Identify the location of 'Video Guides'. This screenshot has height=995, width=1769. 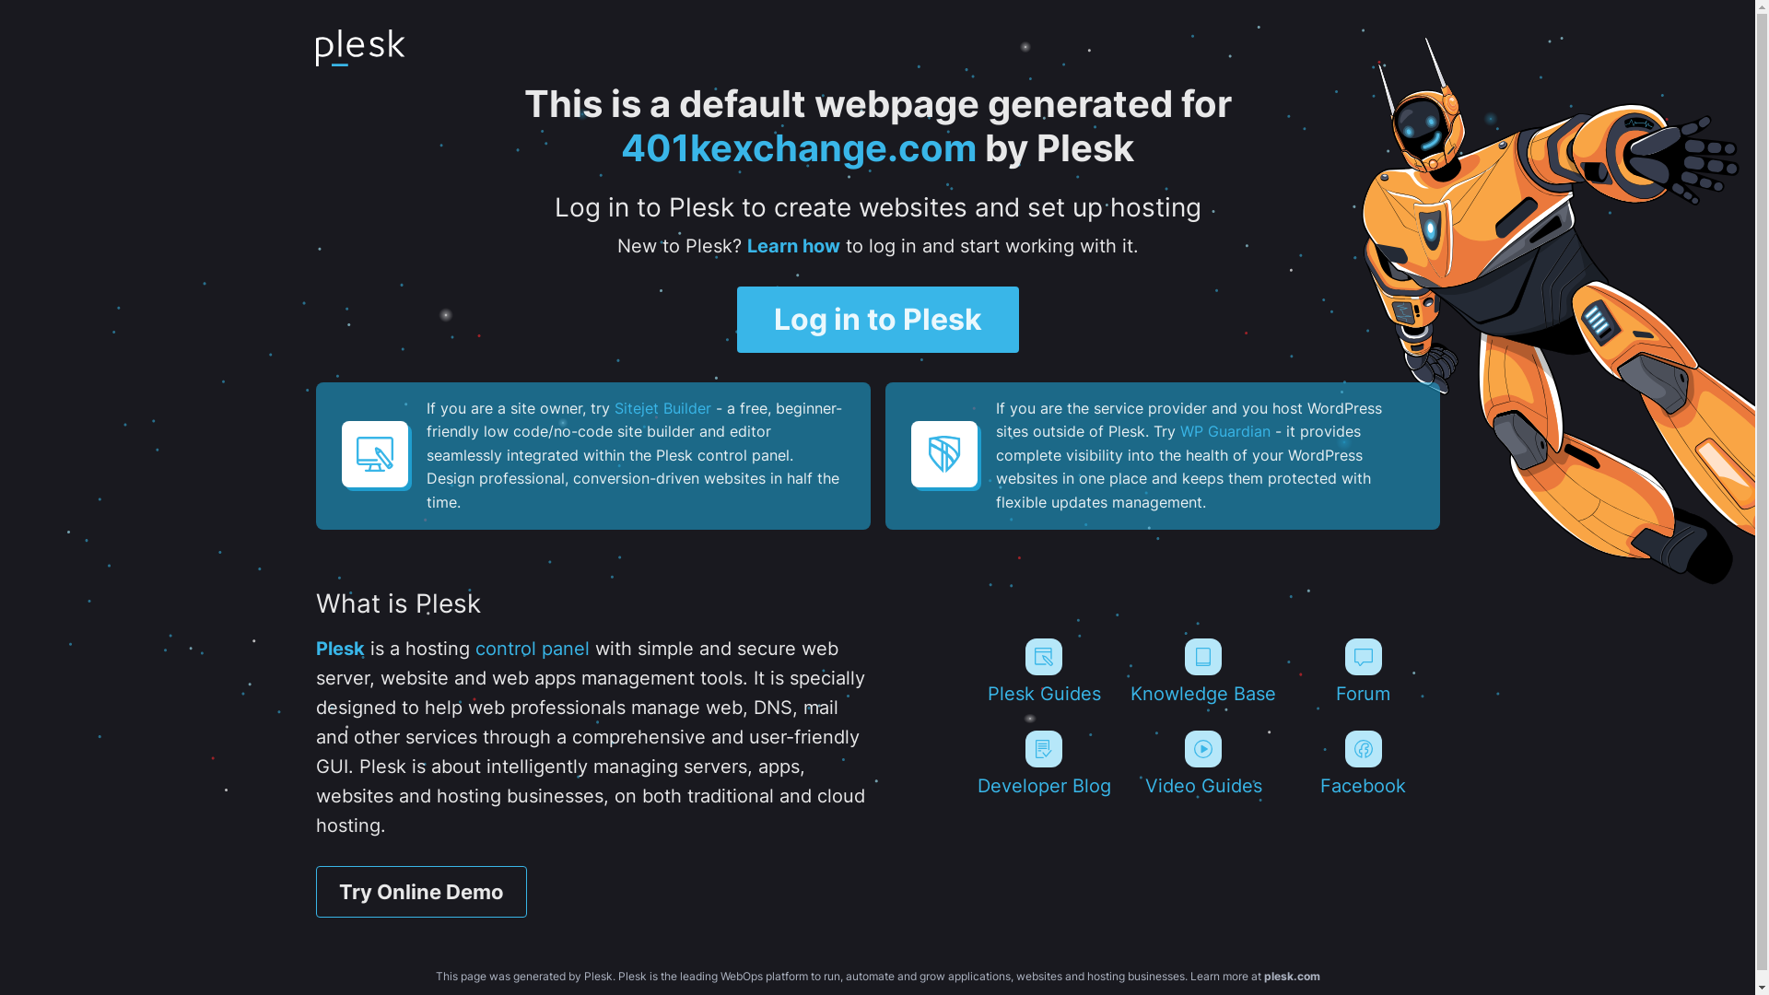
(1203, 764).